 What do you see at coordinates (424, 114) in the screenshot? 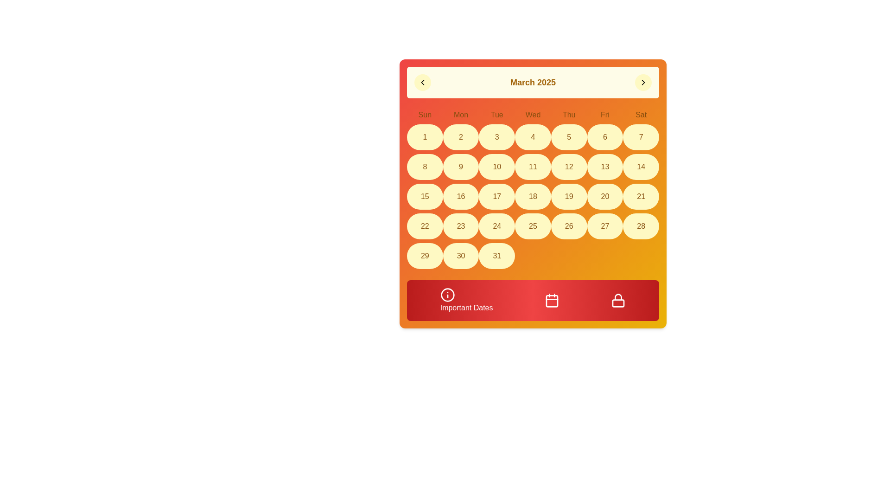
I see `the text label indicating the Sunday column in the calendar view, which is located at the top-left corner of the calendar grid` at bounding box center [424, 114].